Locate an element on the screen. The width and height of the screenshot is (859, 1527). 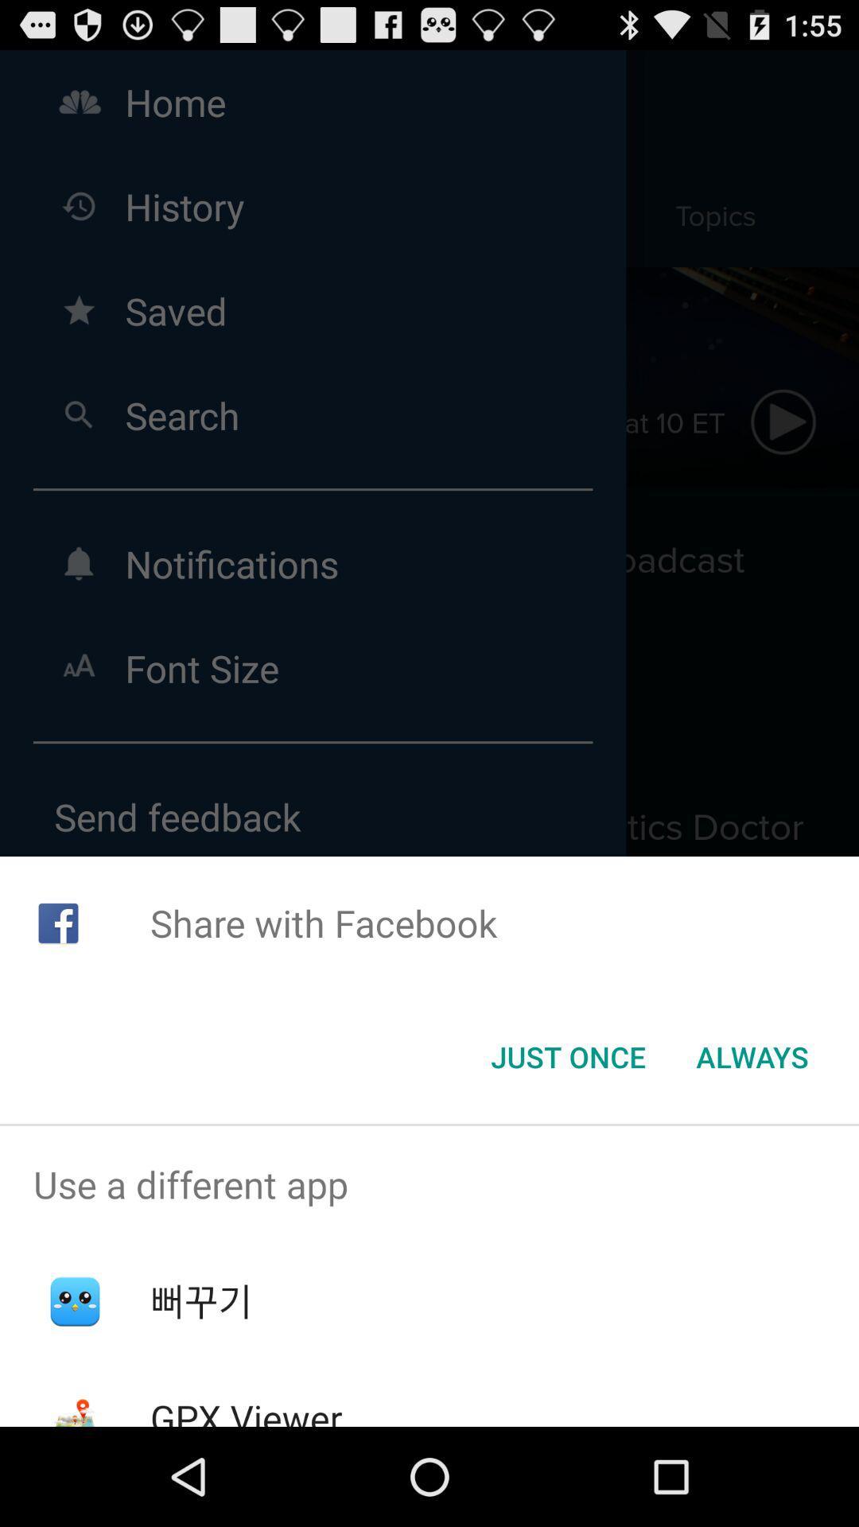
the app below the share with facebook app is located at coordinates (567, 1057).